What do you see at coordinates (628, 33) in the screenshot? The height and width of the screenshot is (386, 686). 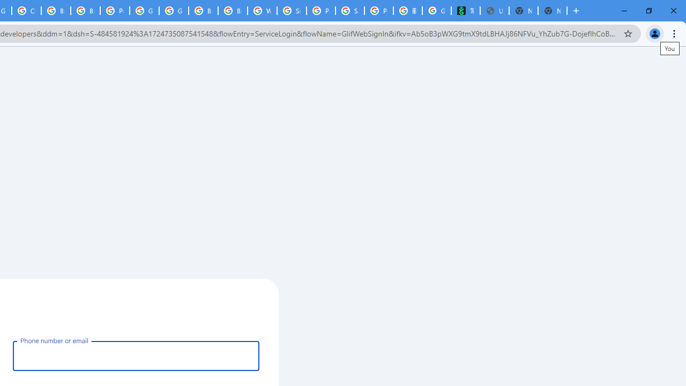 I see `'Bookmark this tab'` at bounding box center [628, 33].